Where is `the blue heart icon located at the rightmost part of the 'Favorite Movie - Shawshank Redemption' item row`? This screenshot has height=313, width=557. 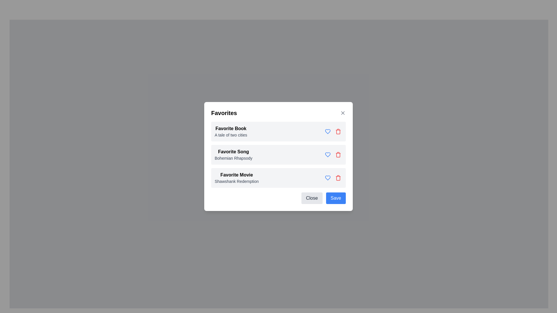
the blue heart icon located at the rightmost part of the 'Favorite Movie - Shawshank Redemption' item row is located at coordinates (333, 177).